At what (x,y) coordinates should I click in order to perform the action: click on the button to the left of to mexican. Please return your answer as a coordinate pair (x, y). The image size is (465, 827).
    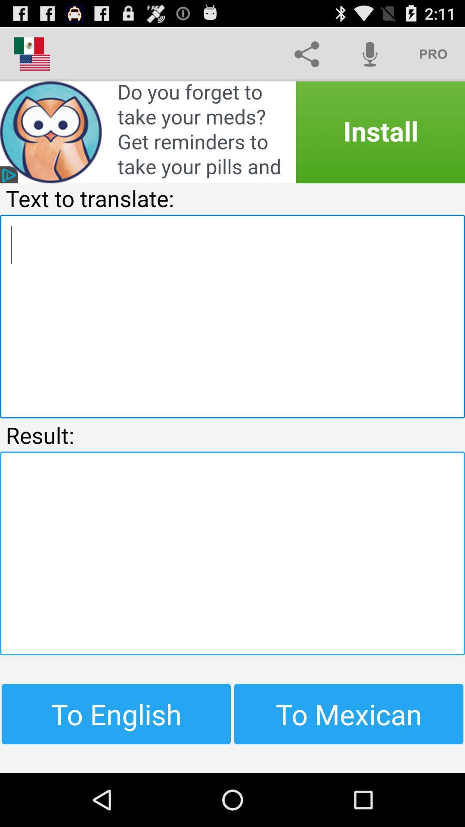
    Looking at the image, I should click on (116, 714).